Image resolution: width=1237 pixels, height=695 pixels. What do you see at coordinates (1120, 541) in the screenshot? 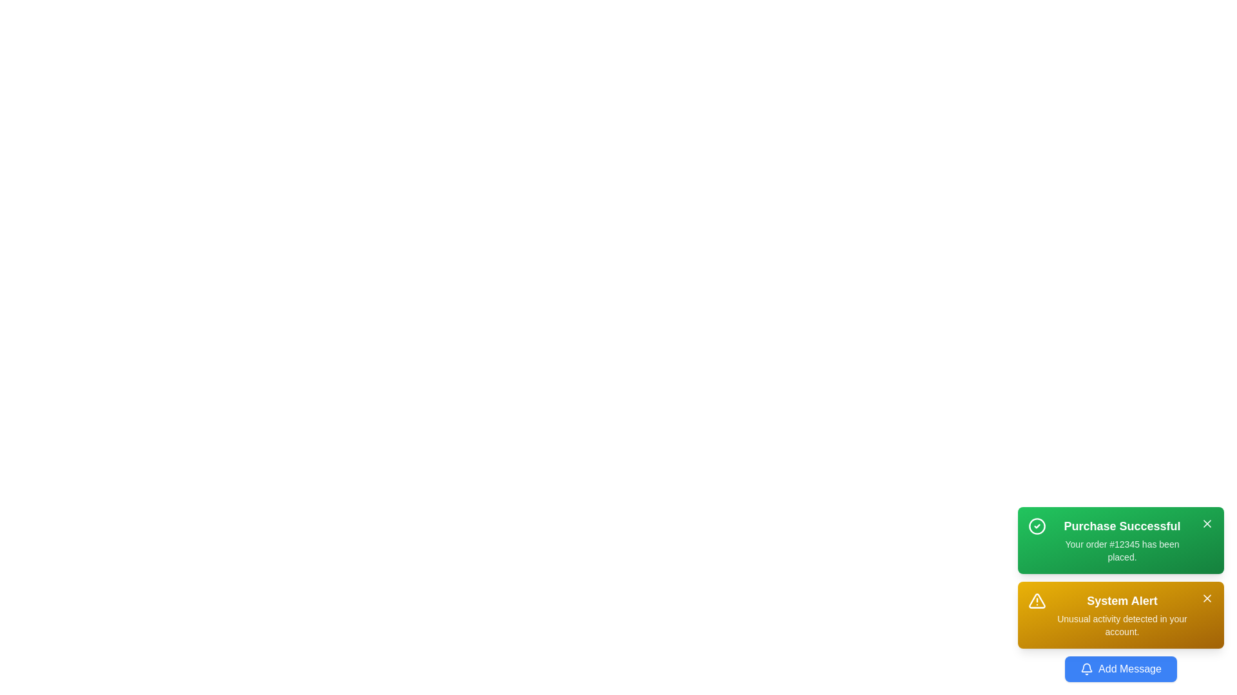
I see `the message with title Purchase Successful` at bounding box center [1120, 541].